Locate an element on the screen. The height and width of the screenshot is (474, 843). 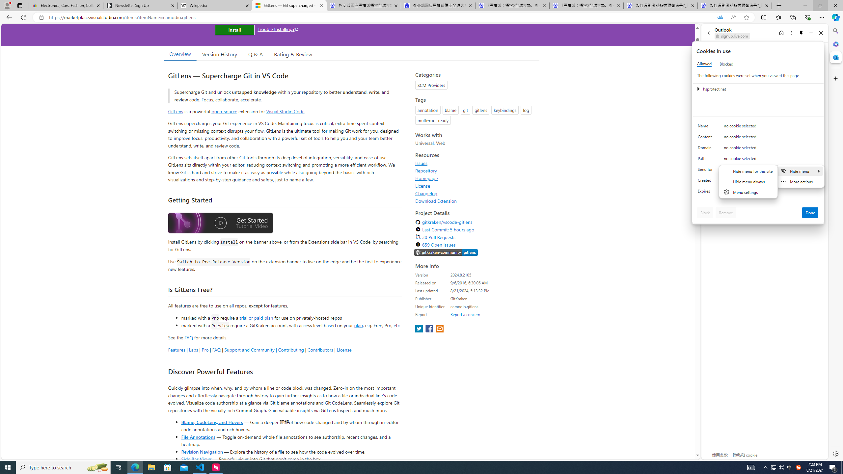
'Name' is located at coordinates (706, 127).